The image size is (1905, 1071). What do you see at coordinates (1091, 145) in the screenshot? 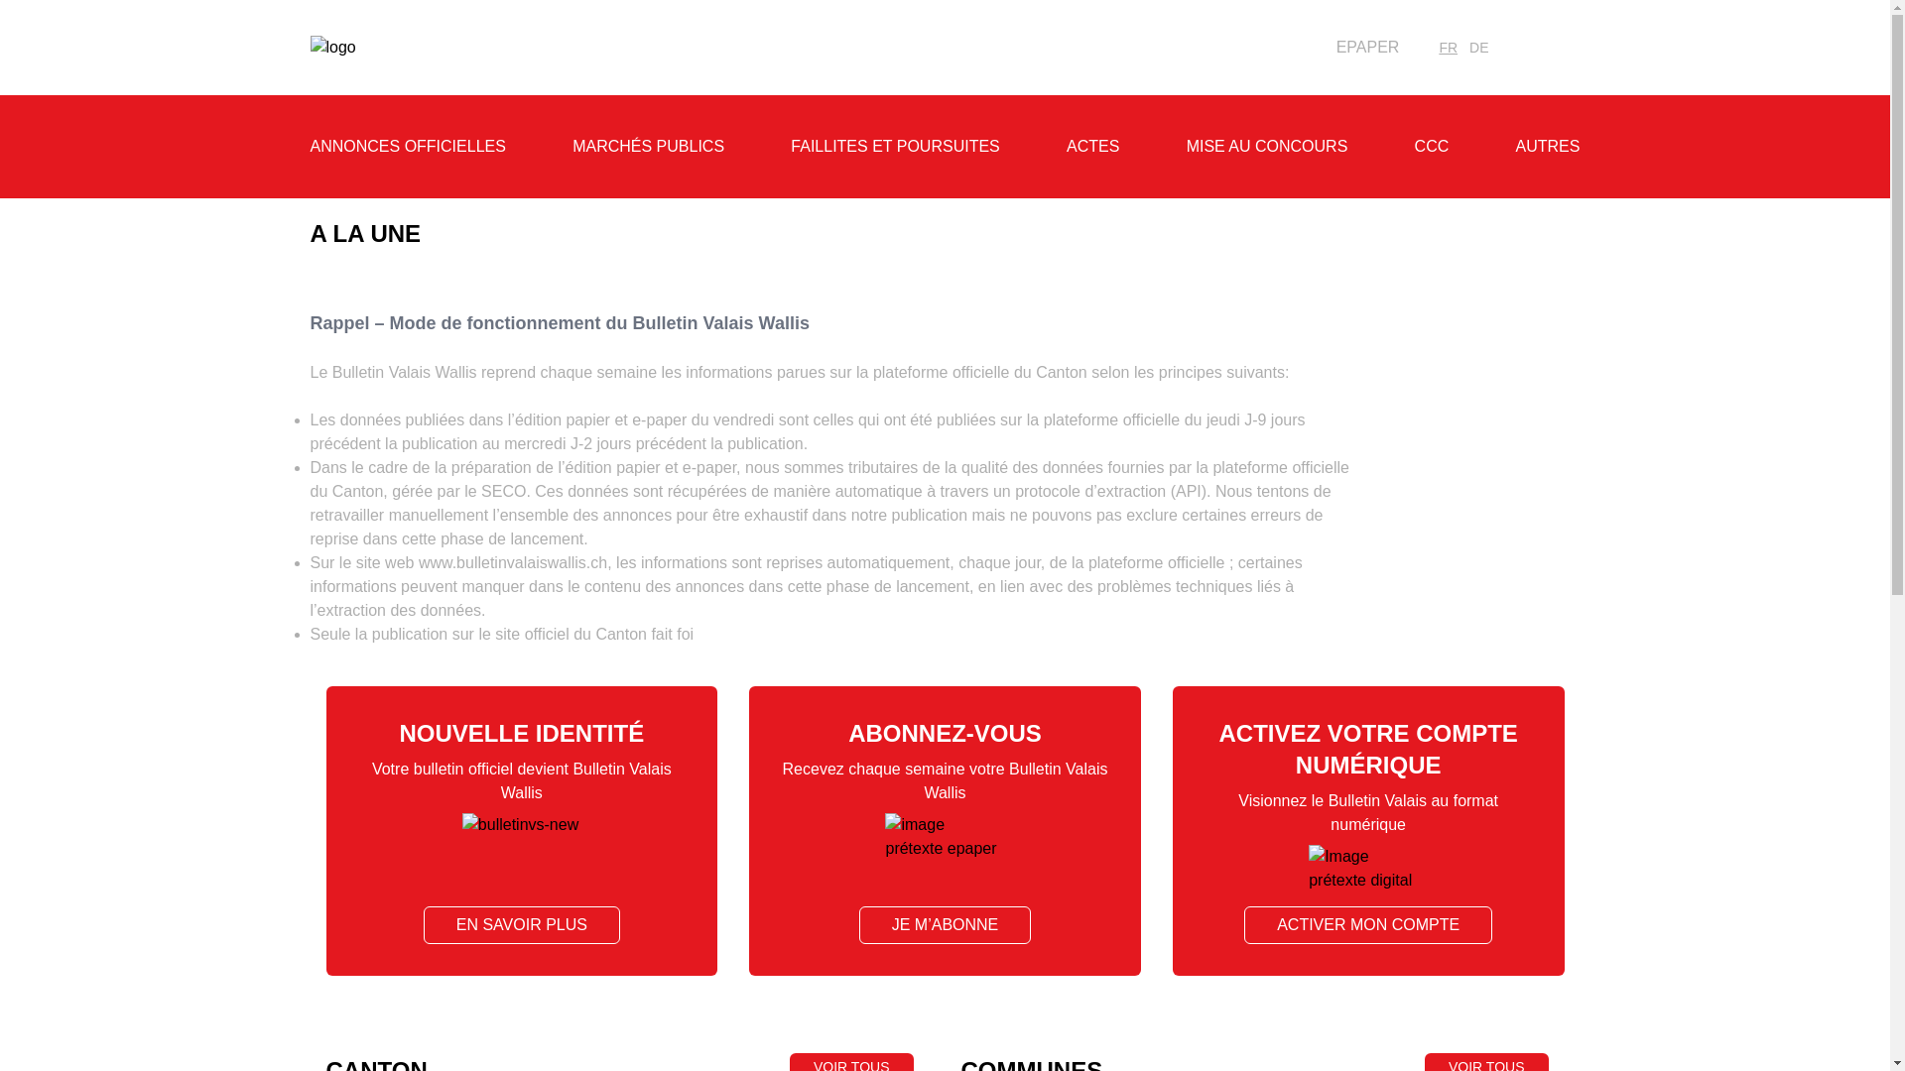
I see `'ACTES'` at bounding box center [1091, 145].